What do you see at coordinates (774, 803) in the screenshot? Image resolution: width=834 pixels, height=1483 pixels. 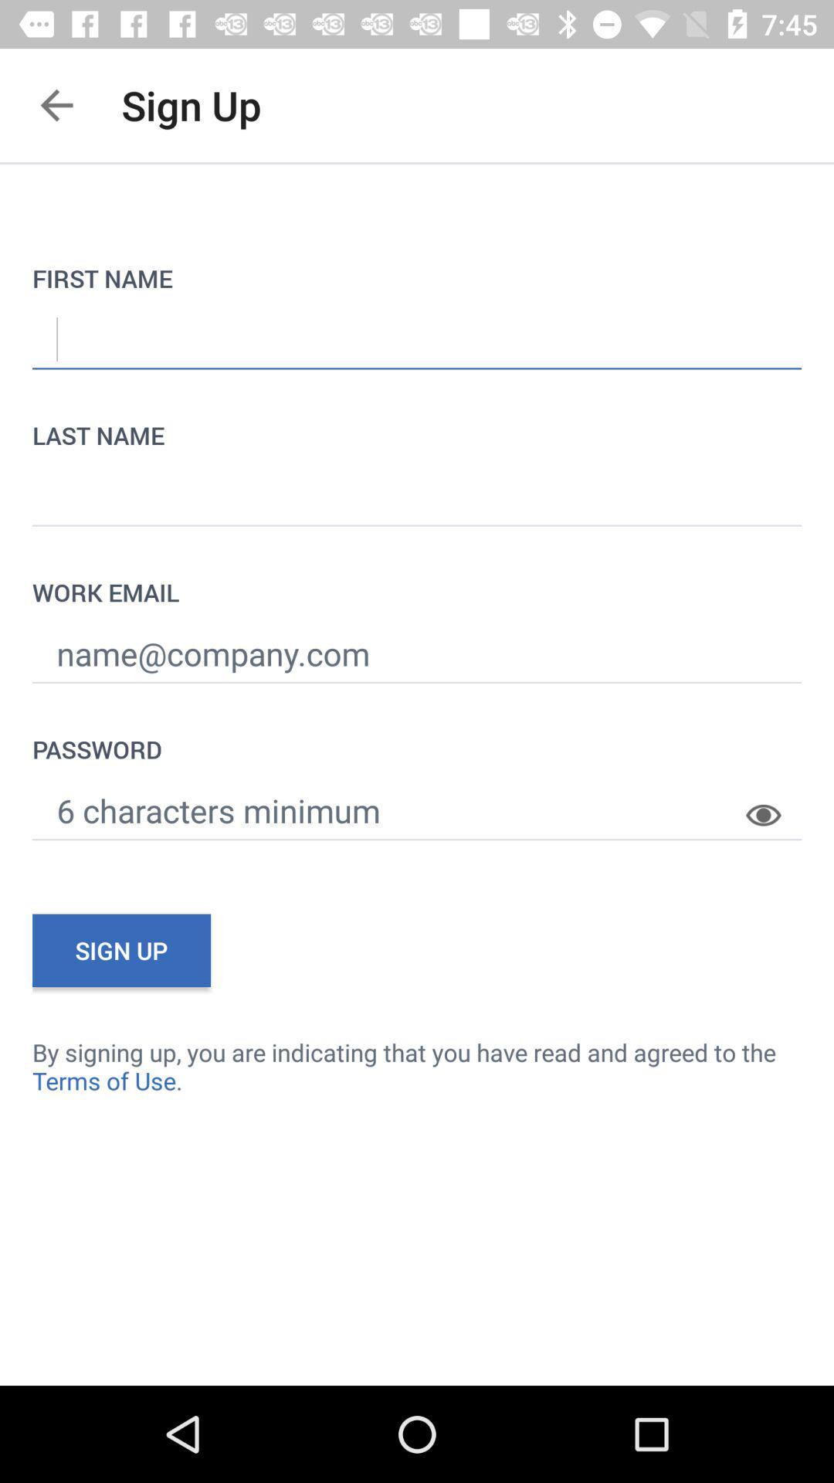 I see `the item on the right` at bounding box center [774, 803].